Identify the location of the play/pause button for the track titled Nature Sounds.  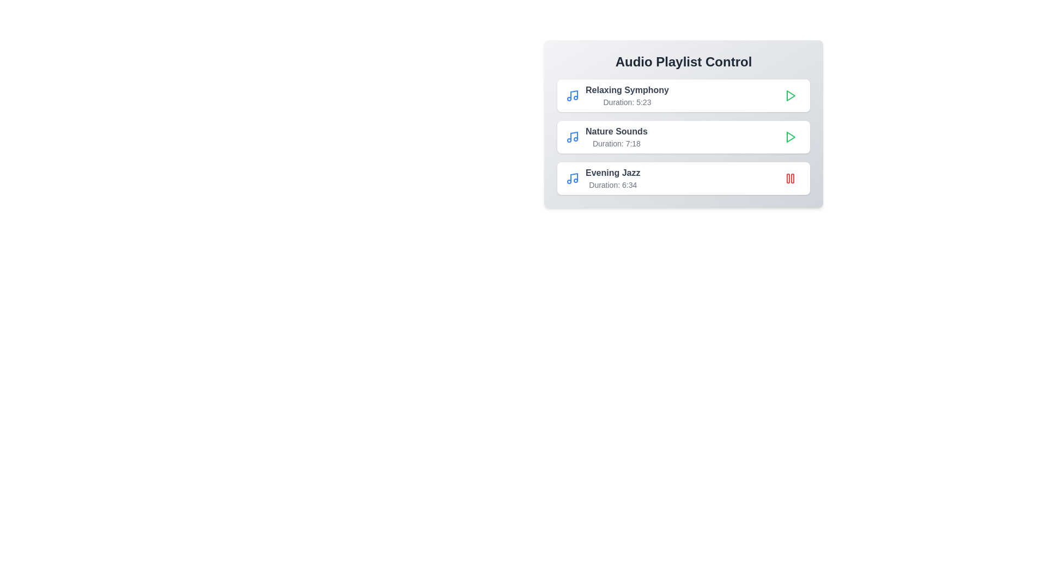
(790, 136).